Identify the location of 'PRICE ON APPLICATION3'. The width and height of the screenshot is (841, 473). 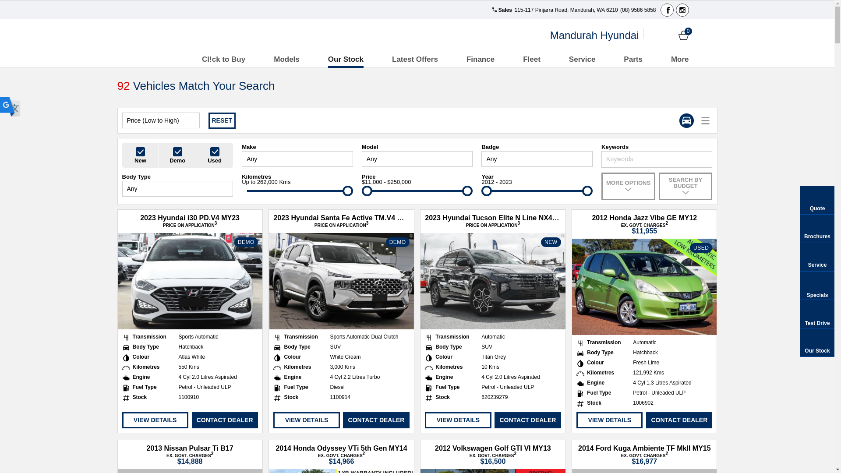
(189, 225).